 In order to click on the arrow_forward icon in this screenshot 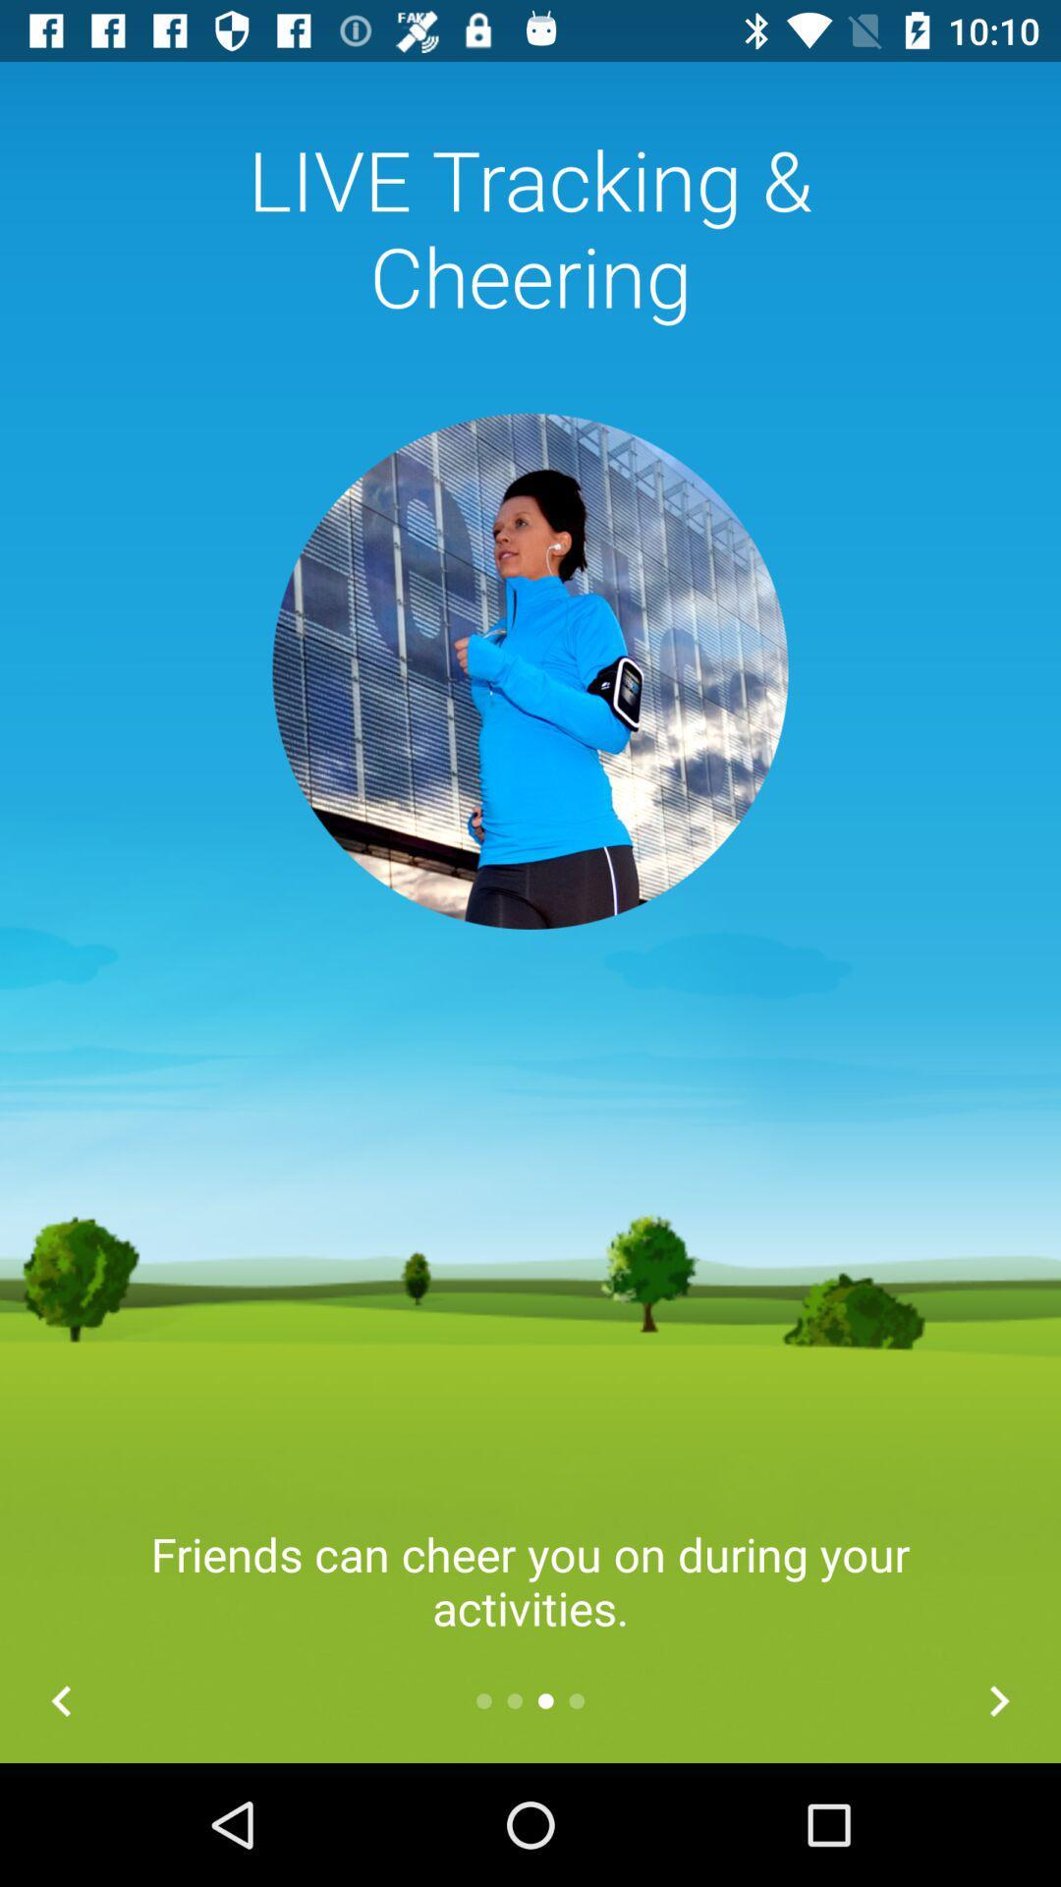, I will do `click(999, 1700)`.